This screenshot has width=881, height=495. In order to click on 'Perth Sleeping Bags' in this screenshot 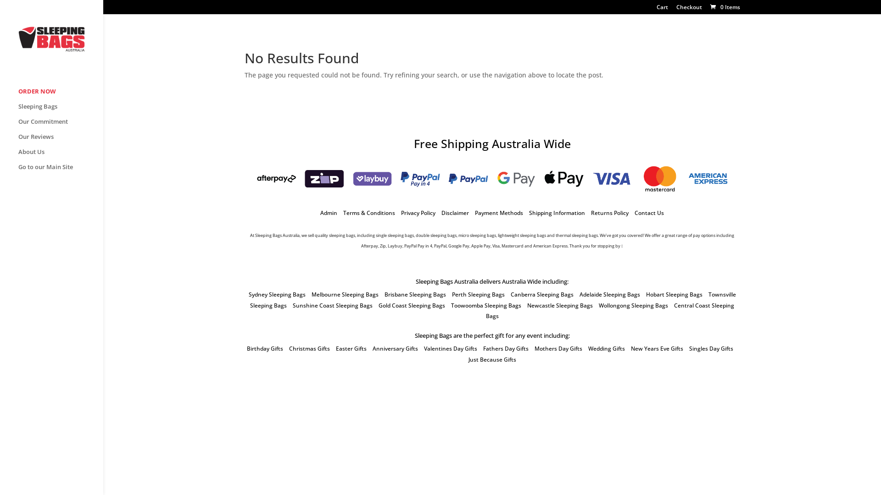, I will do `click(451, 294)`.